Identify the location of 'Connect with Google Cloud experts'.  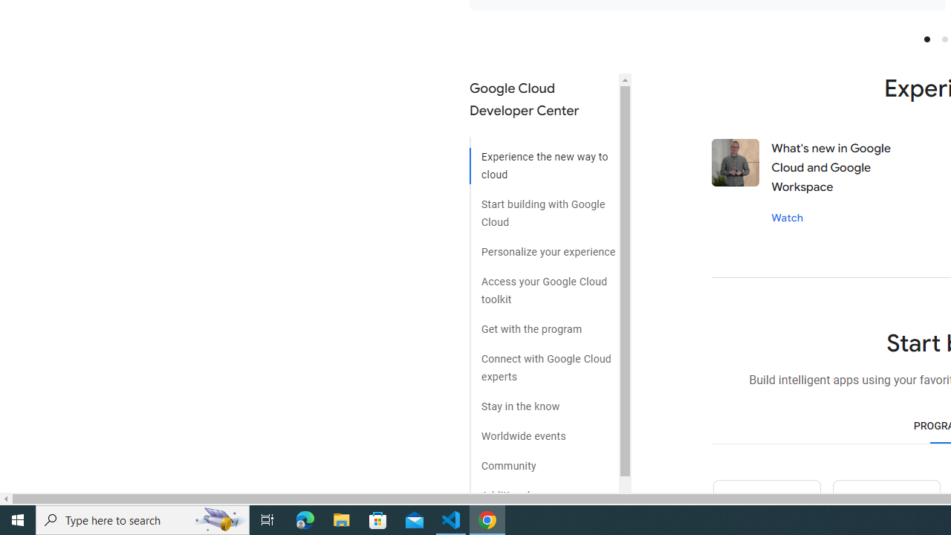
(543, 362).